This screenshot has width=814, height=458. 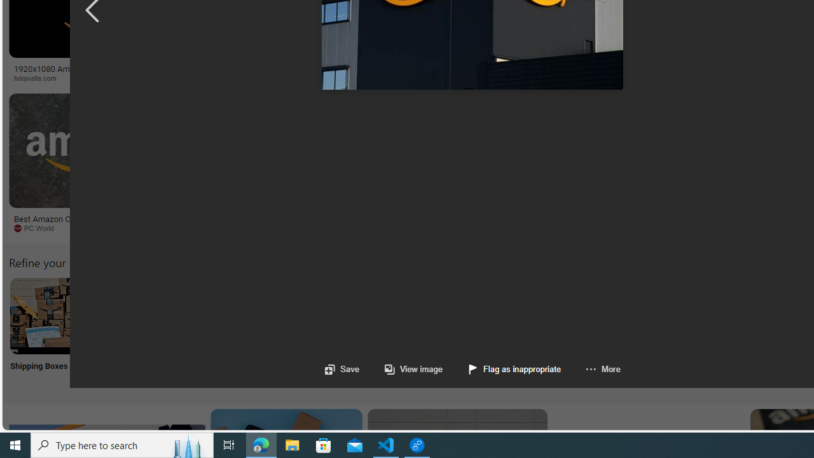 I want to click on 'View image', so click(x=413, y=369).